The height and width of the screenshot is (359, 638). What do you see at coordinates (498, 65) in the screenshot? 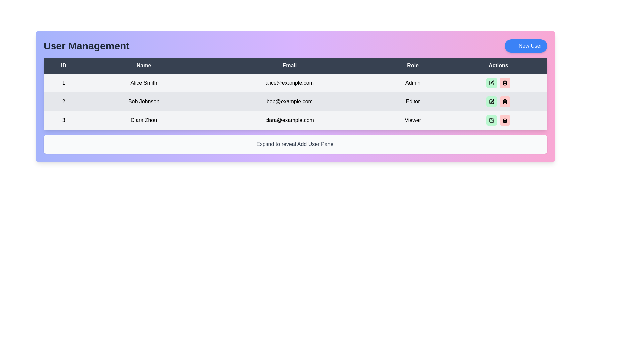
I see `the 'Actions' table header, which is the rightmost header in a table with a dark background and bold white text` at bounding box center [498, 65].